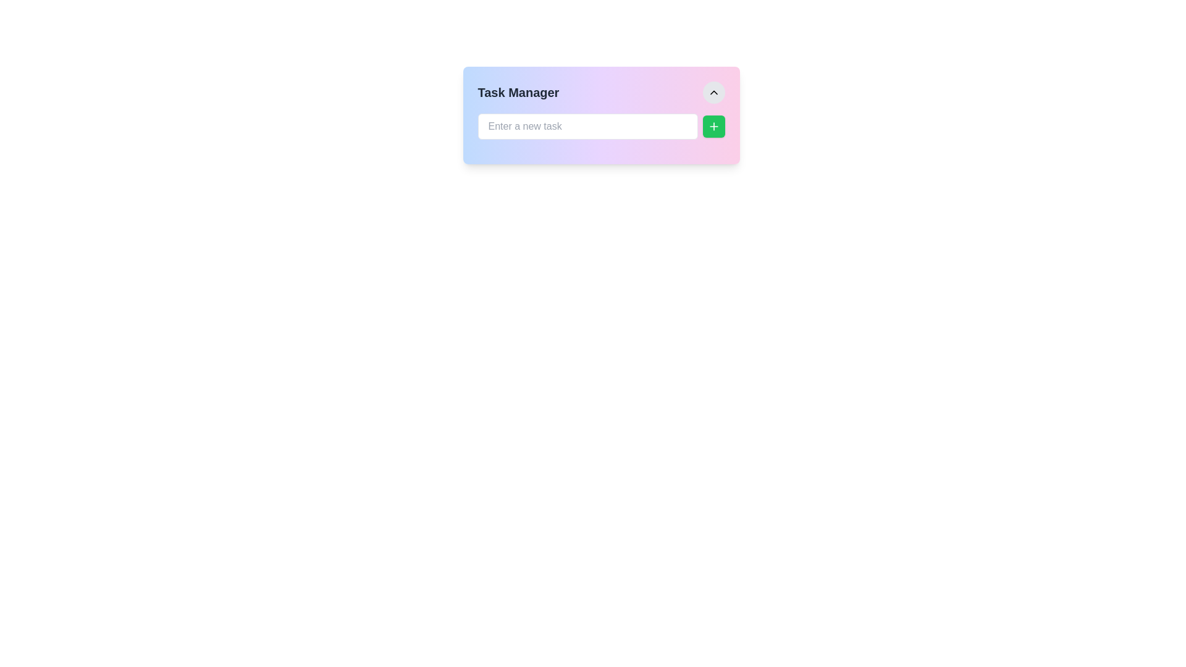 The width and height of the screenshot is (1186, 667). I want to click on the circular '+' icon button with a green background, so click(713, 126).